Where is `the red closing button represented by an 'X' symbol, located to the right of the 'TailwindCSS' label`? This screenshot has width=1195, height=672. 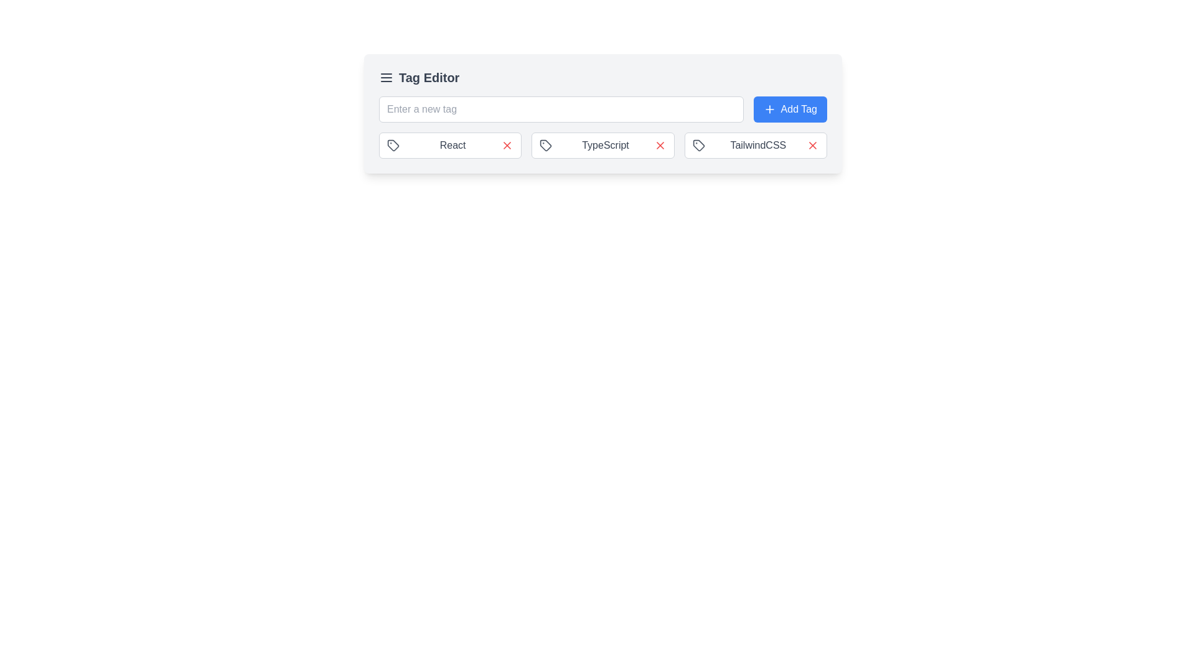 the red closing button represented by an 'X' symbol, located to the right of the 'TailwindCSS' label is located at coordinates (812, 145).